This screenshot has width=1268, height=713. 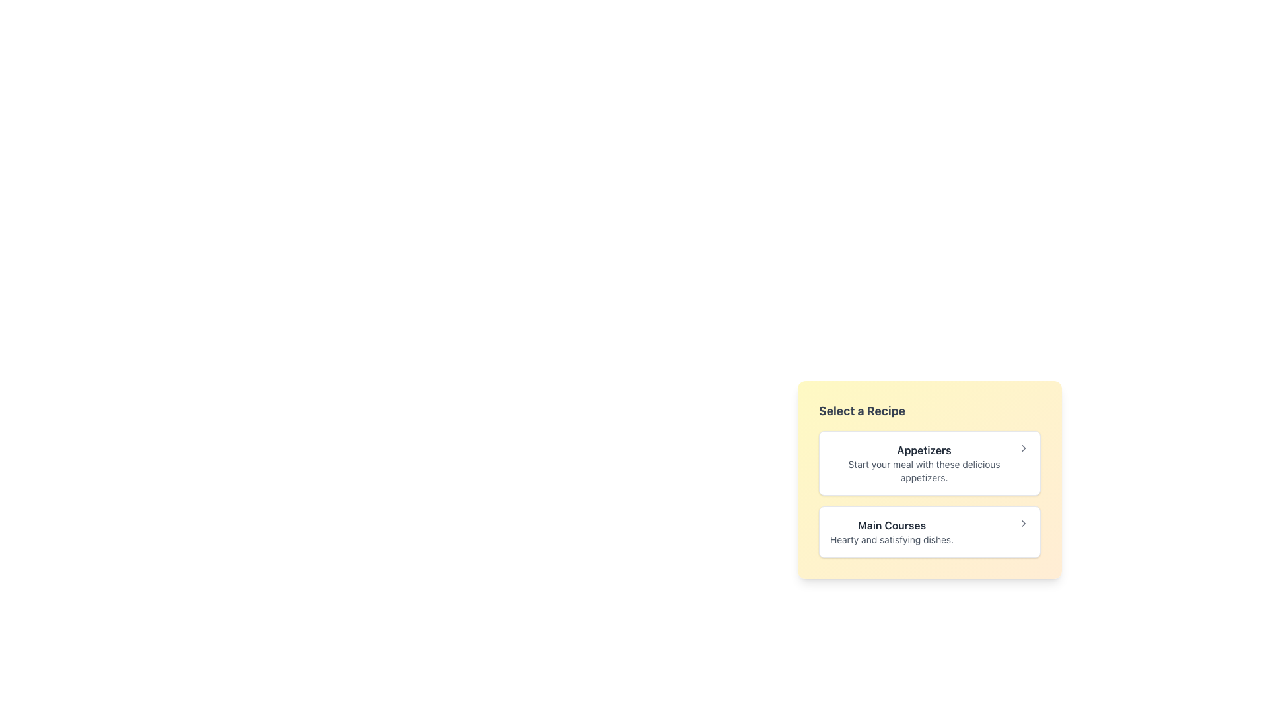 I want to click on the Text Label that serves as a title or heading indicating the purpose of the section, which is centrally positioned above the 'Appetizers' and 'Main Courses' sections, so click(x=862, y=411).